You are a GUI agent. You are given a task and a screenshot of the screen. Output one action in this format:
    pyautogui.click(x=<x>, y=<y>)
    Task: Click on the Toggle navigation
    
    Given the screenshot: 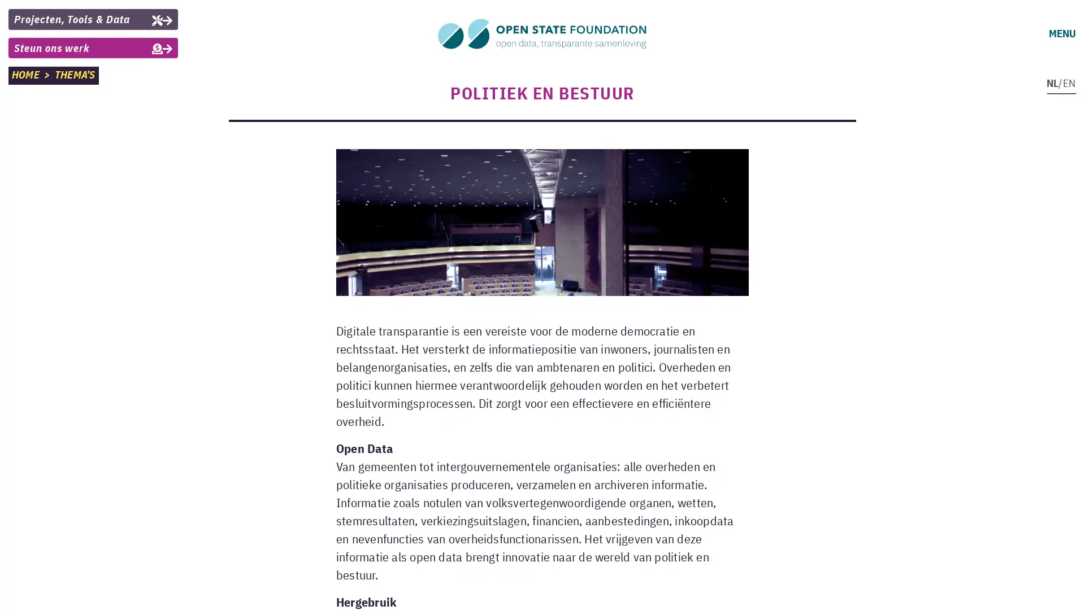 What is the action you would take?
    pyautogui.click(x=1061, y=33)
    